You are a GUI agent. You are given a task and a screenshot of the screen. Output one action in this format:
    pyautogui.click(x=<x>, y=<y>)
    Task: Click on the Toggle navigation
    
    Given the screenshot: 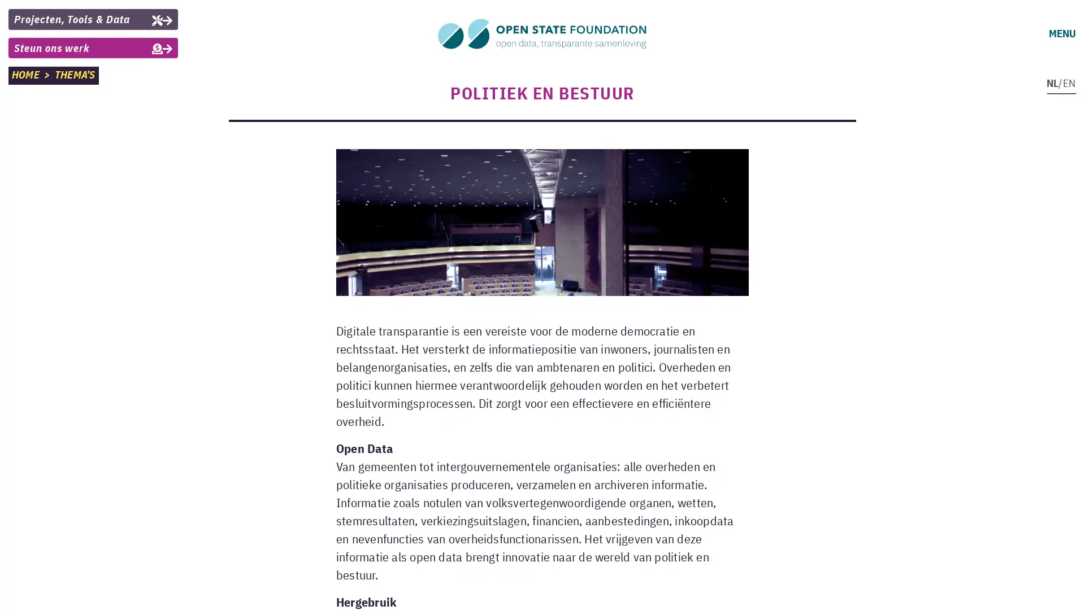 What is the action you would take?
    pyautogui.click(x=1061, y=33)
    